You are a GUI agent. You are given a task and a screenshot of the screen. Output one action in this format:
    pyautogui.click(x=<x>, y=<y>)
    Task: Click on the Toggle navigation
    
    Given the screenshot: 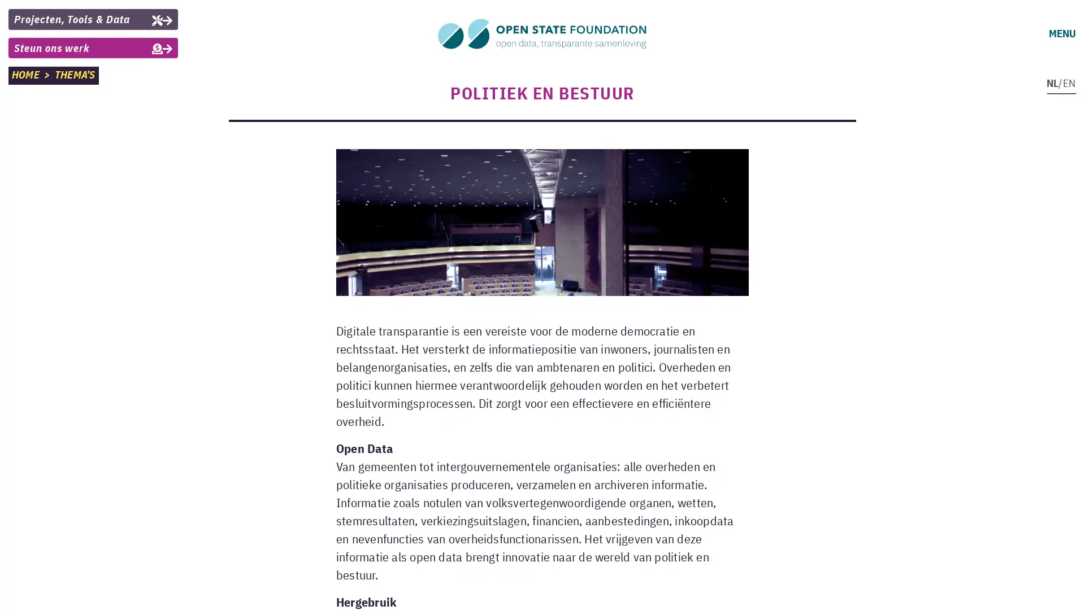 What is the action you would take?
    pyautogui.click(x=1061, y=33)
    